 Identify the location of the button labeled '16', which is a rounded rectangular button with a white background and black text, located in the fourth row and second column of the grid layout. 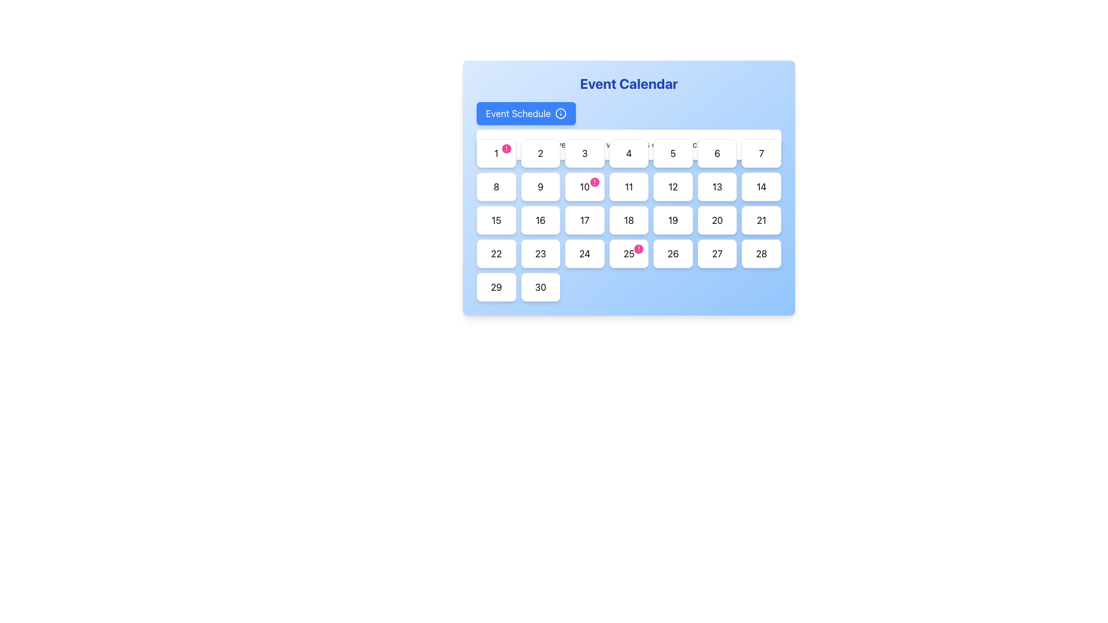
(540, 220).